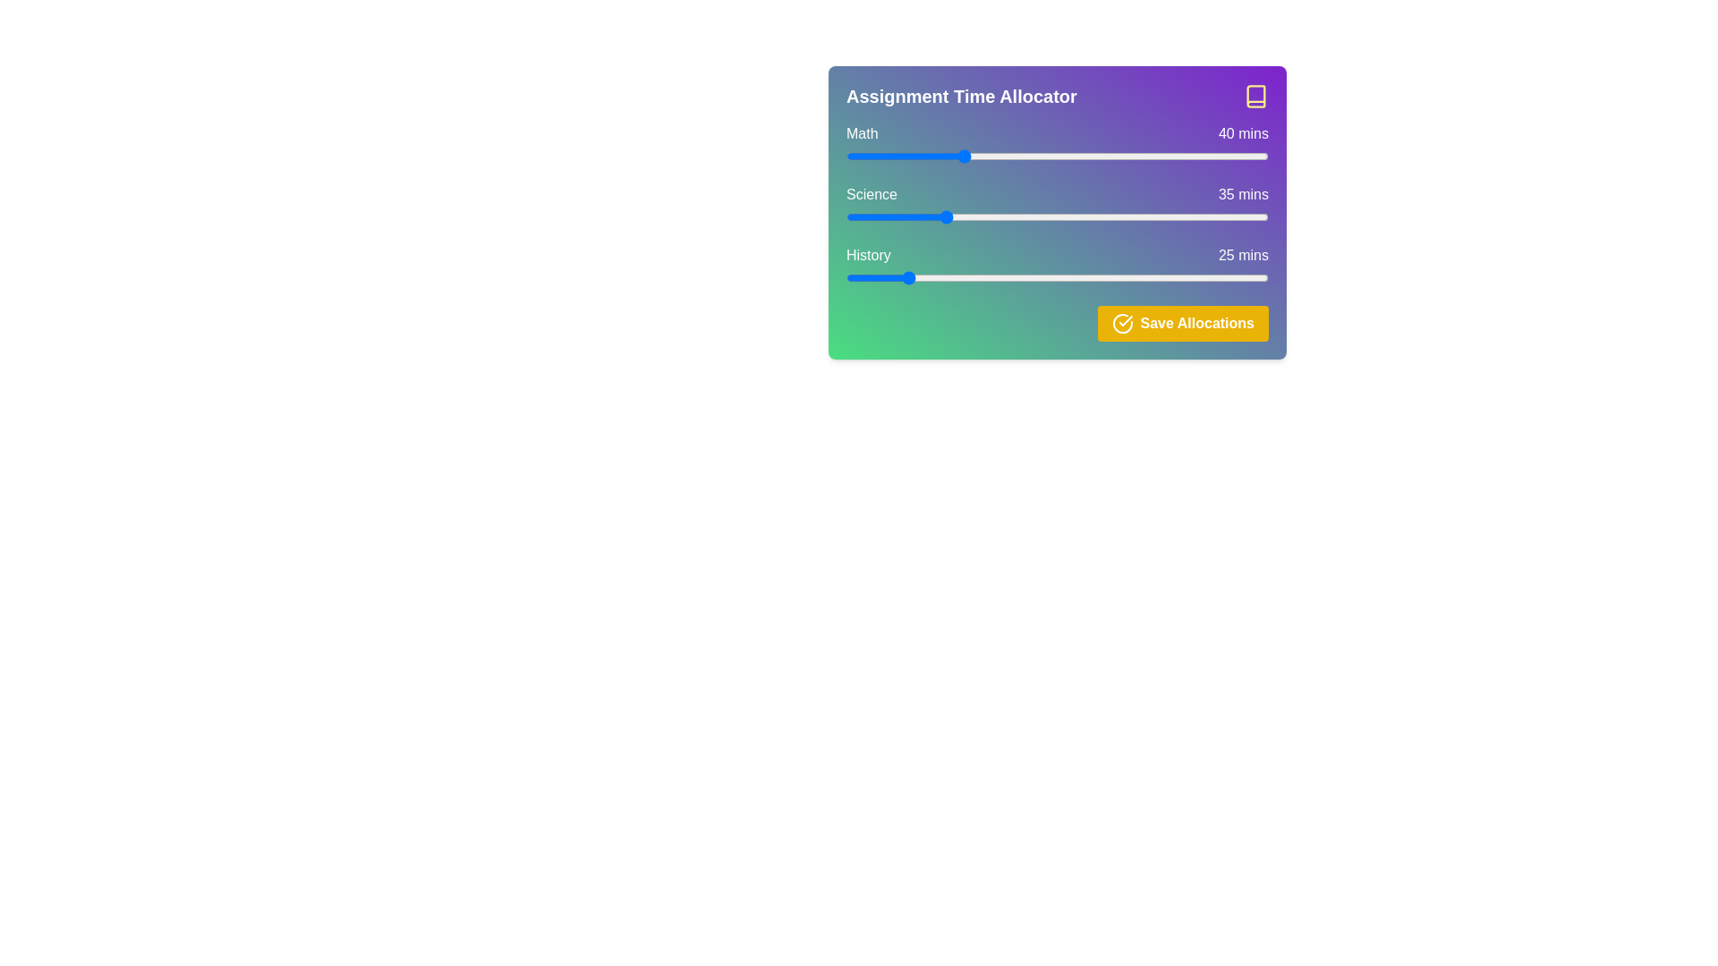 The height and width of the screenshot is (966, 1718). What do you see at coordinates (1161, 216) in the screenshot?
I see `time allocation for Science` at bounding box center [1161, 216].